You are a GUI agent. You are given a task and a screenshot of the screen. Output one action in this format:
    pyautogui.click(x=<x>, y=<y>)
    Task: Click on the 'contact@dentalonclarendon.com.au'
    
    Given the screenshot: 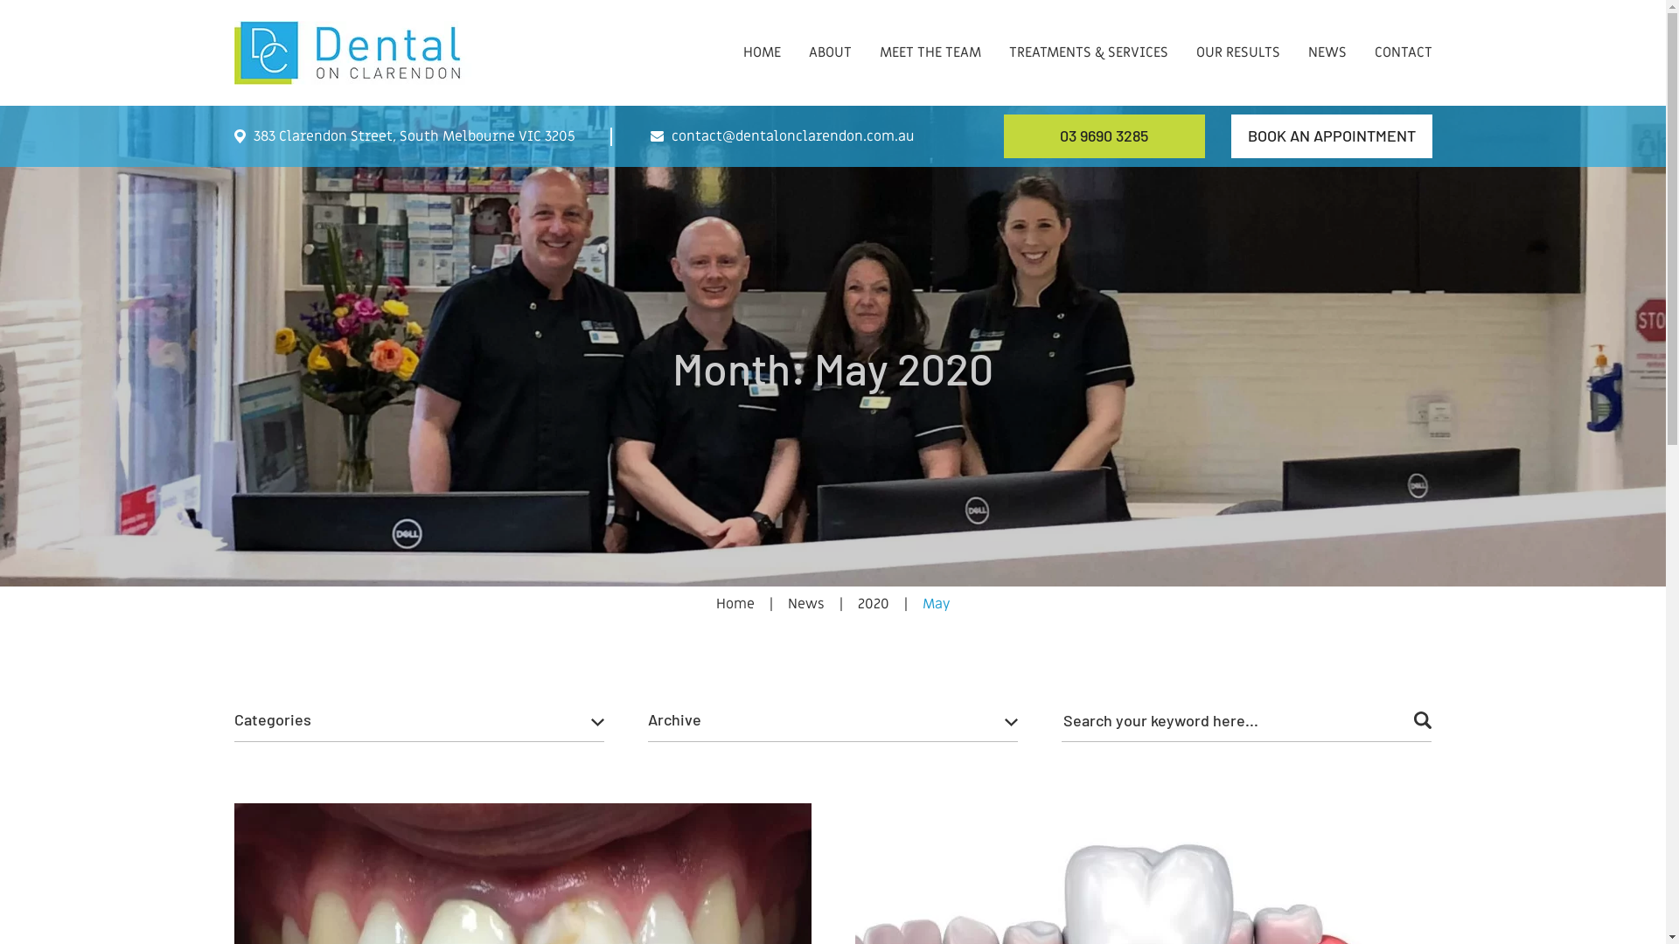 What is the action you would take?
    pyautogui.click(x=781, y=135)
    